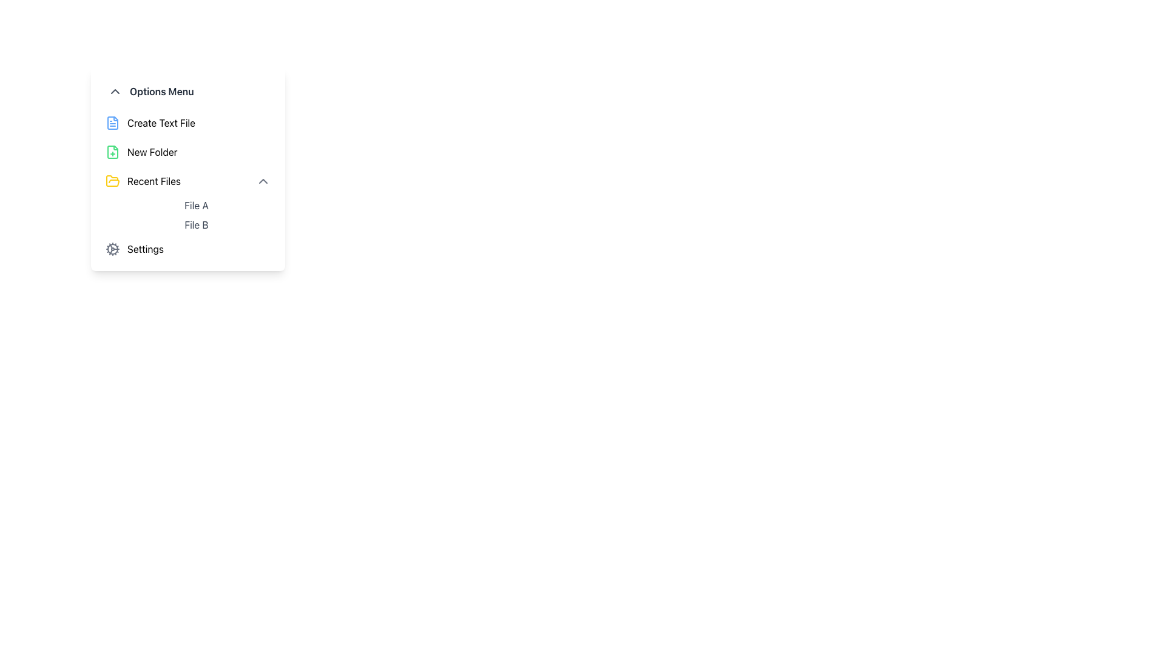  I want to click on the 'Create New Folder' button located in the second position of the menu panel, so click(187, 151).